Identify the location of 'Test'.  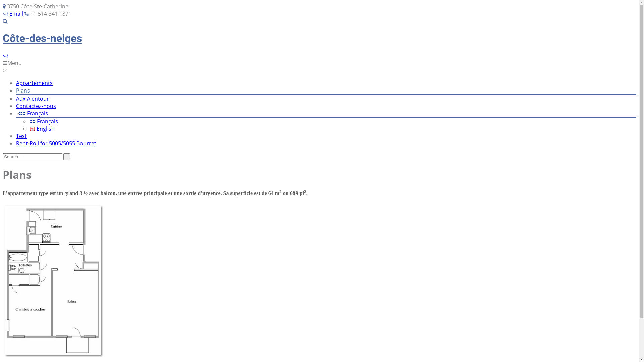
(21, 136).